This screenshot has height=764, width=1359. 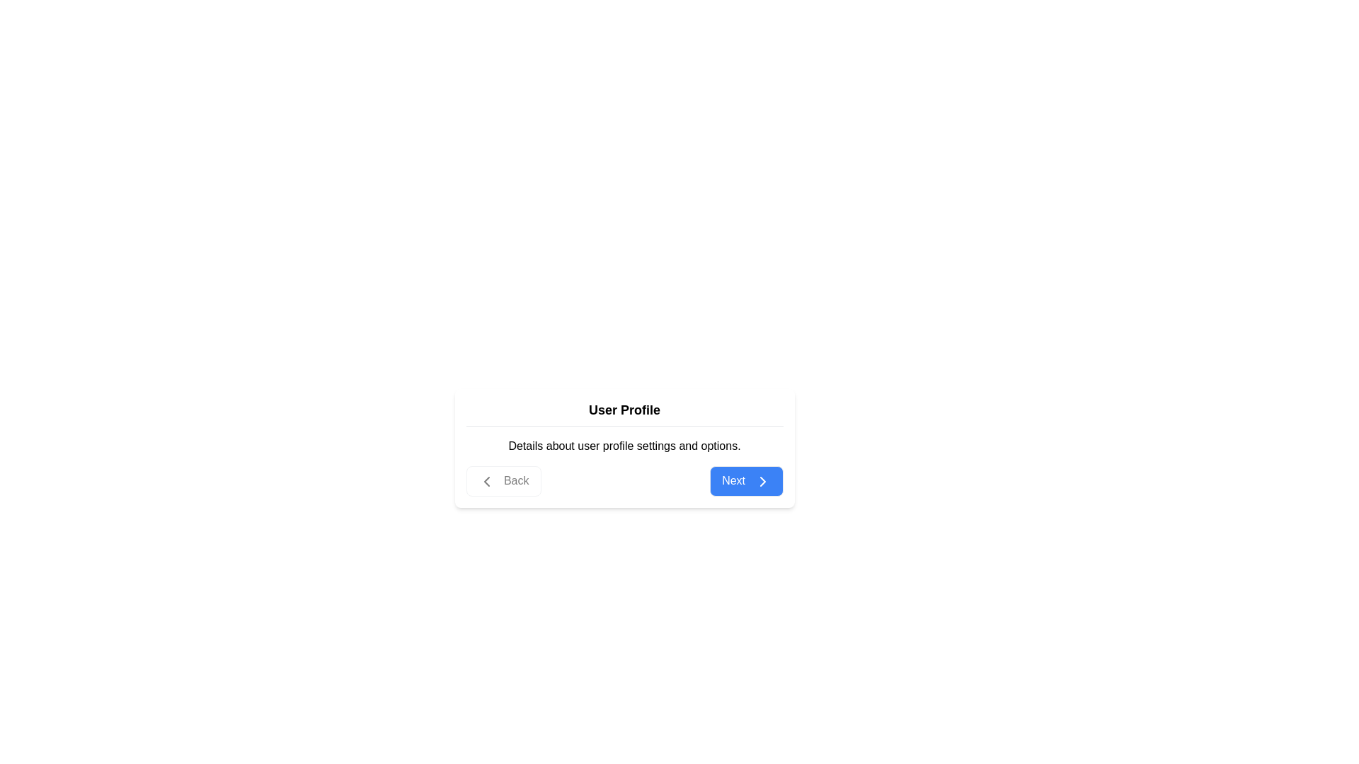 I want to click on the left-pointing arrow icon within the 'Back' button located at the bottom-left corner of the dialog box, so click(x=486, y=480).